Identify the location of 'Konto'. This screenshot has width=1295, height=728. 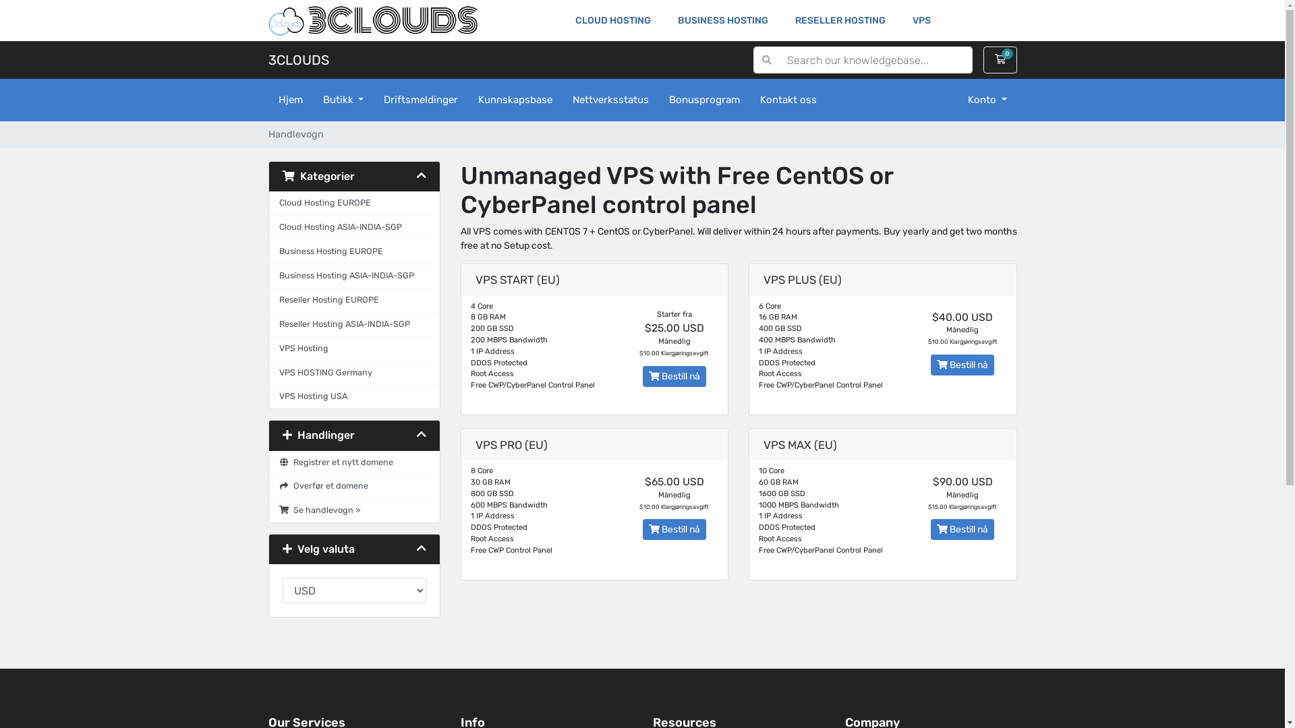
(987, 99).